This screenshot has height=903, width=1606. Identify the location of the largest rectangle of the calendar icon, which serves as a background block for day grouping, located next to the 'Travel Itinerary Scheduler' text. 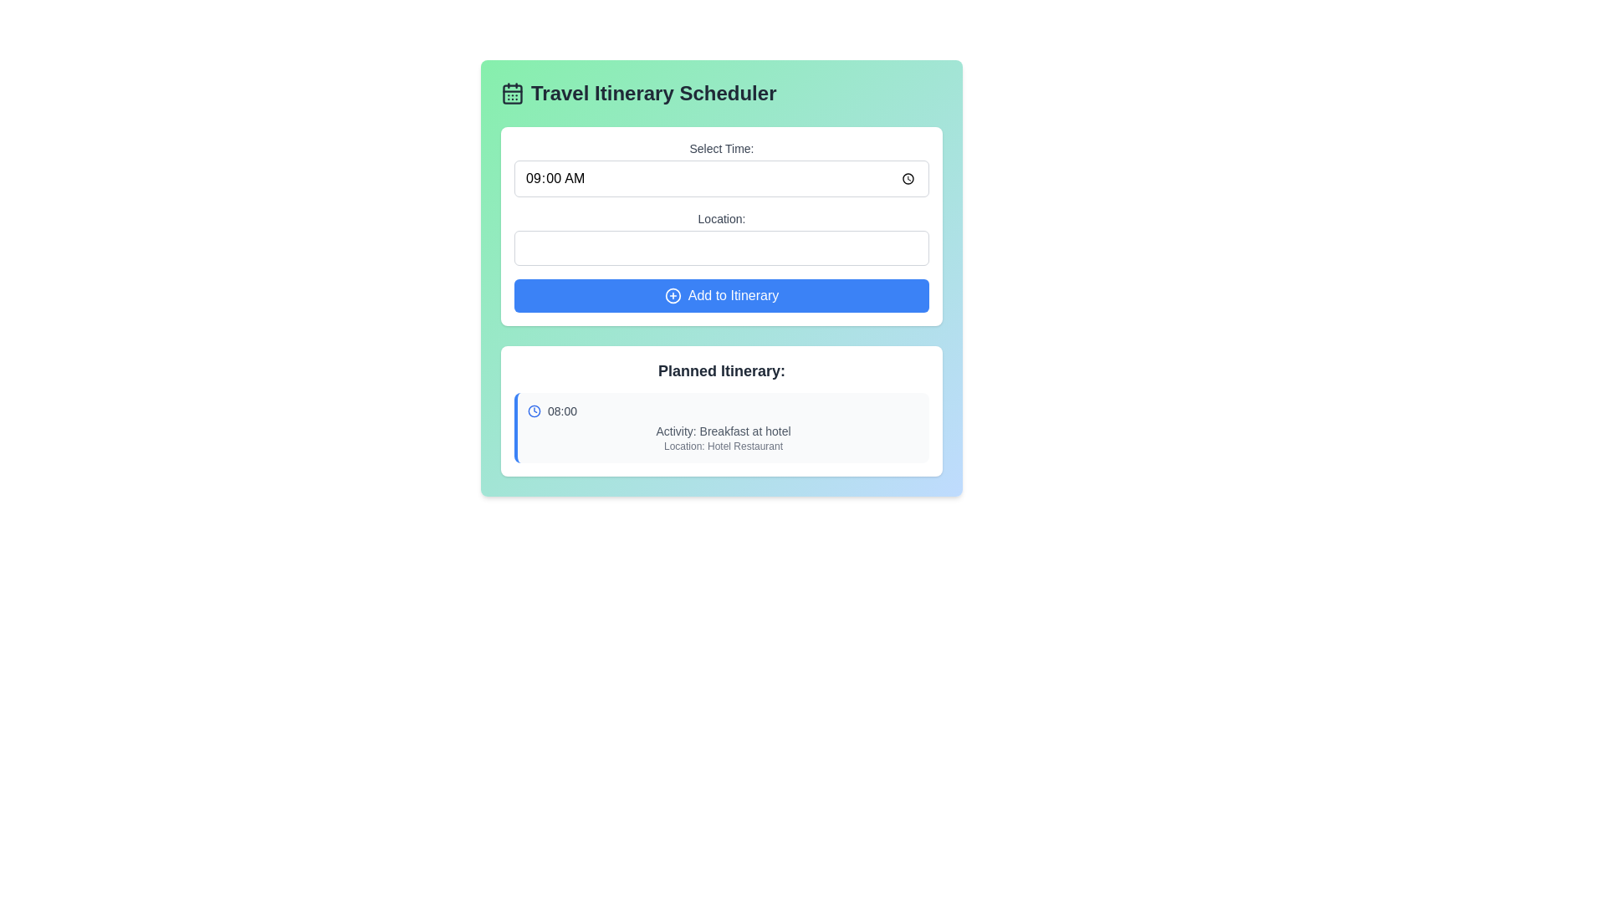
(512, 94).